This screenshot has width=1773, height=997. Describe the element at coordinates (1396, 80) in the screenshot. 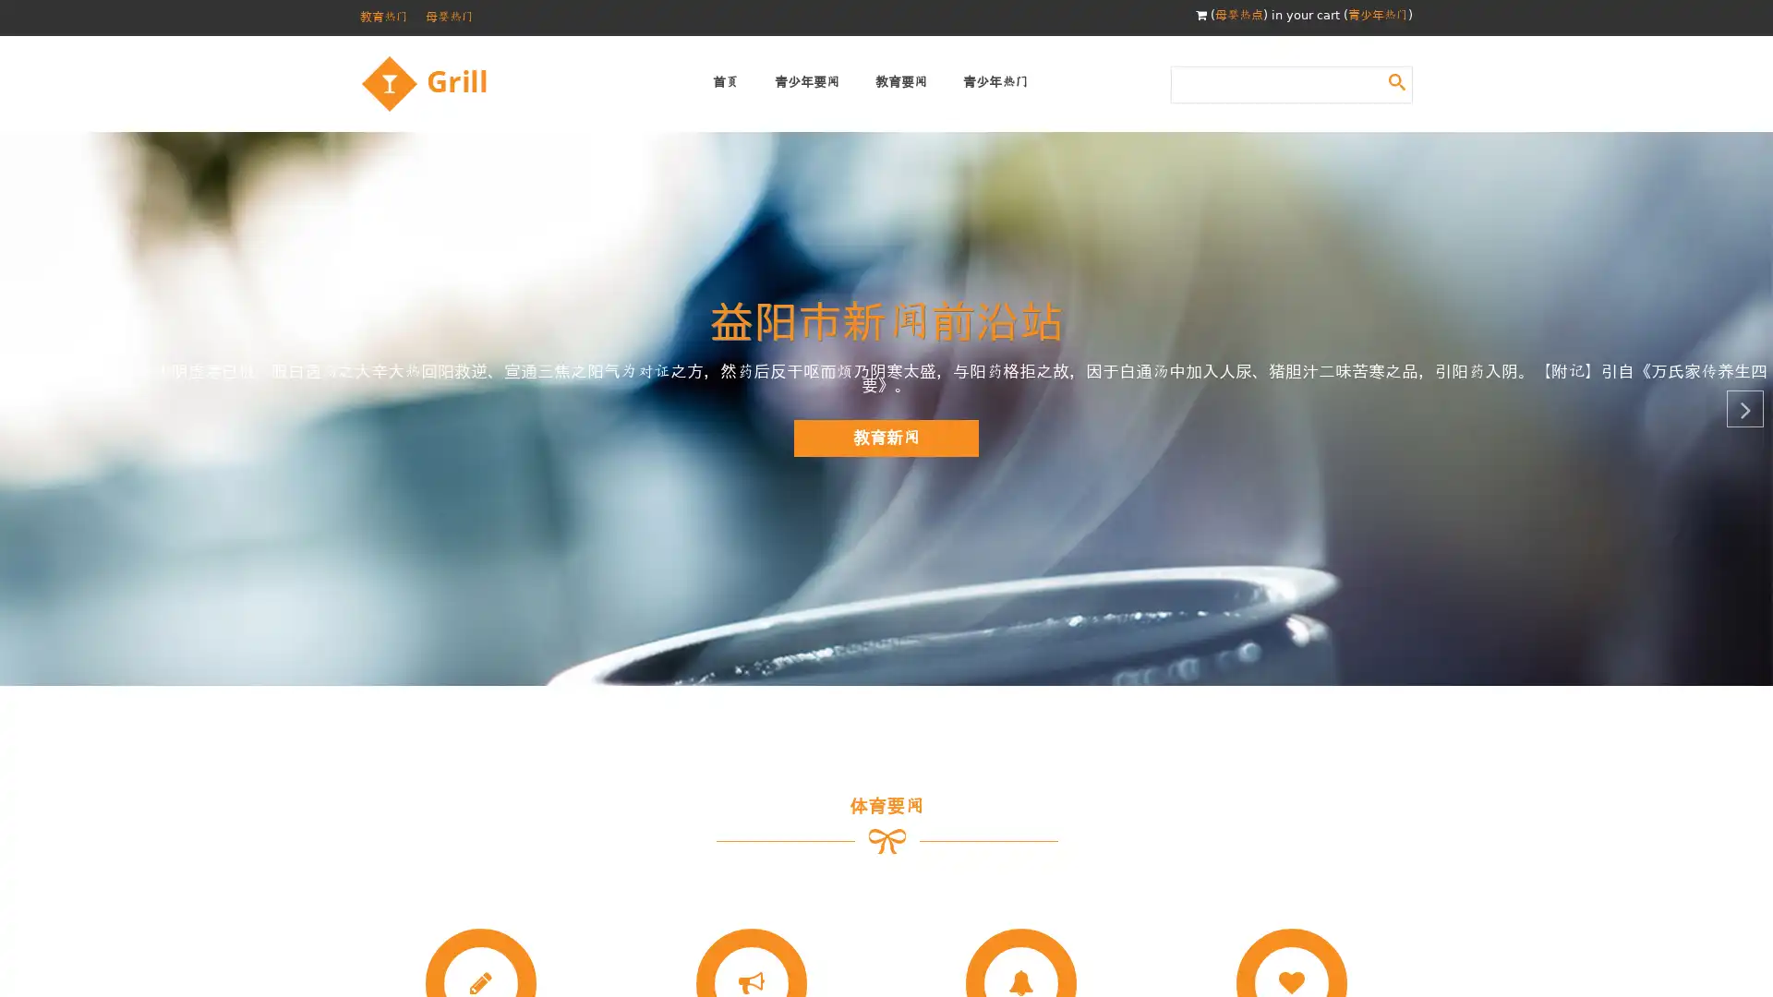

I see `Submit` at that location.